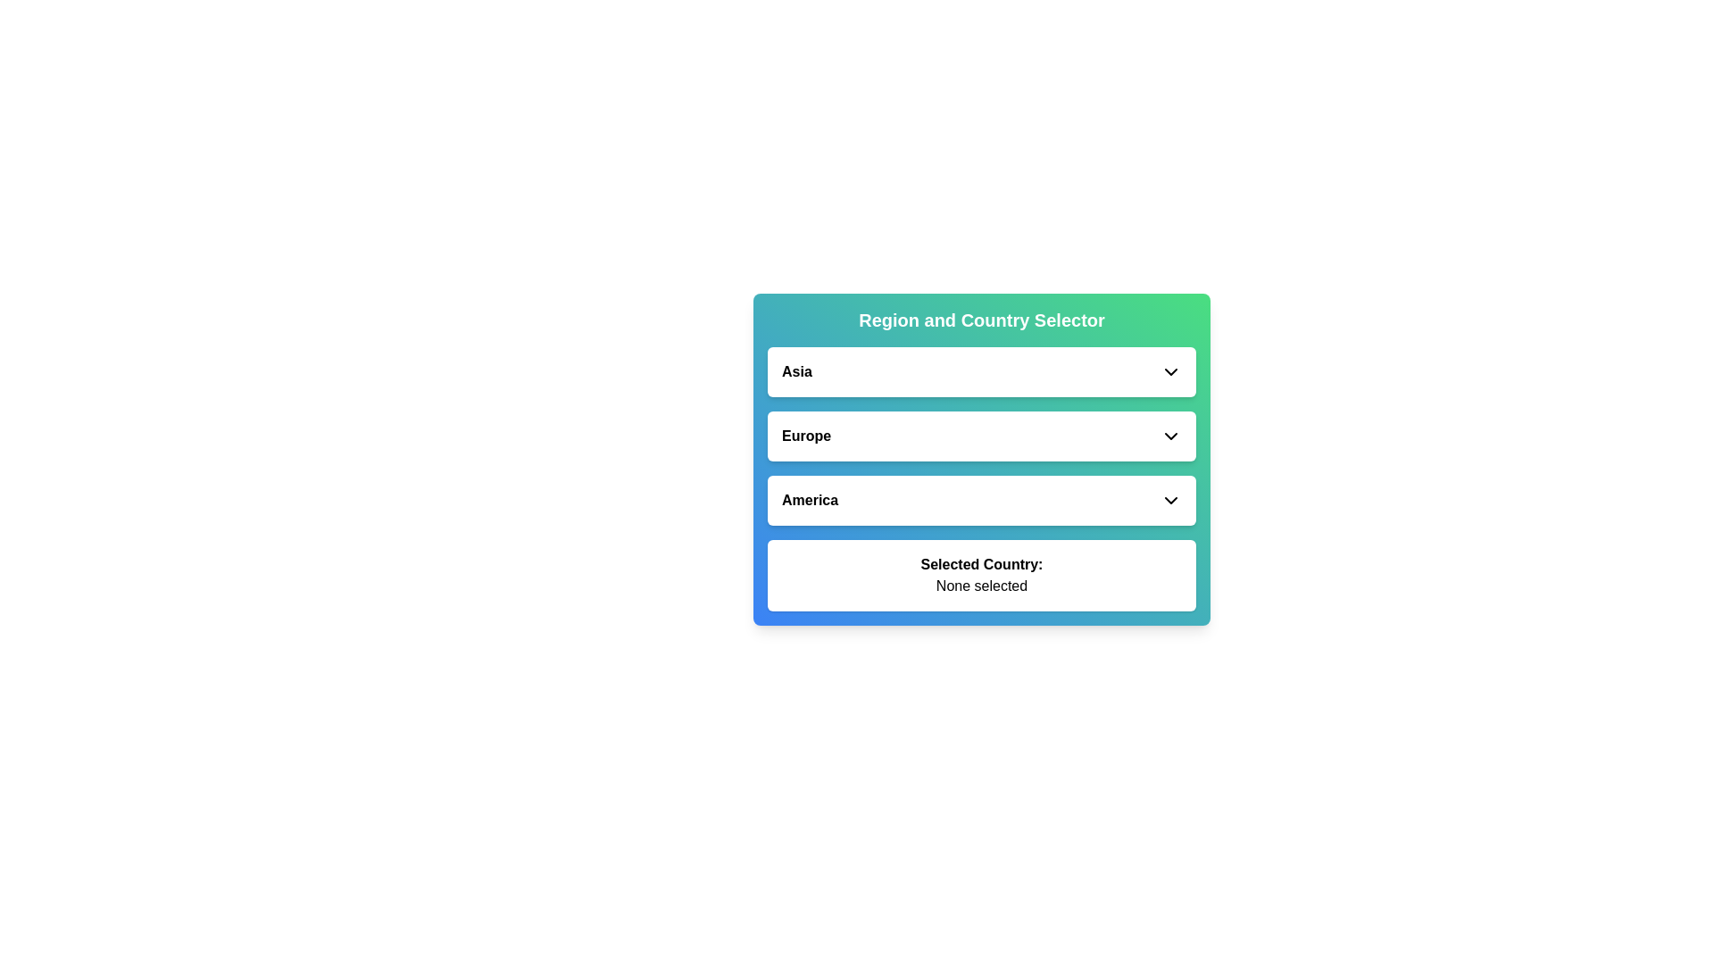 Image resolution: width=1714 pixels, height=964 pixels. I want to click on the Dropdown selector for choosing 'America', so click(980, 500).